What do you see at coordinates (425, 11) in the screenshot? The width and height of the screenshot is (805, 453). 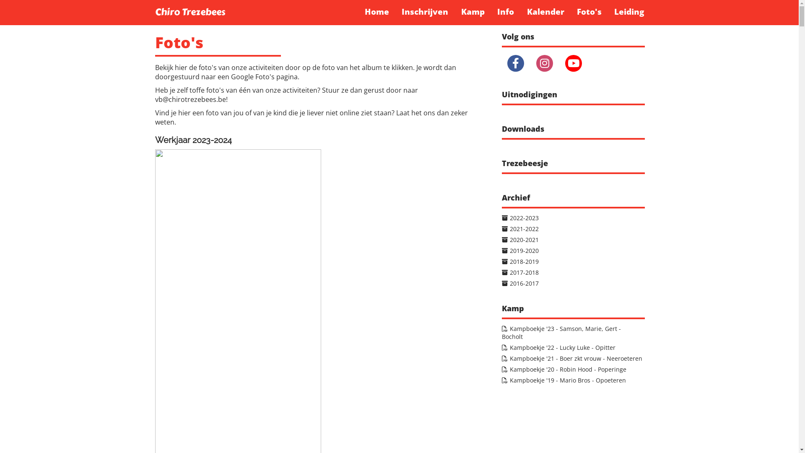 I see `'Inschrijven'` at bounding box center [425, 11].